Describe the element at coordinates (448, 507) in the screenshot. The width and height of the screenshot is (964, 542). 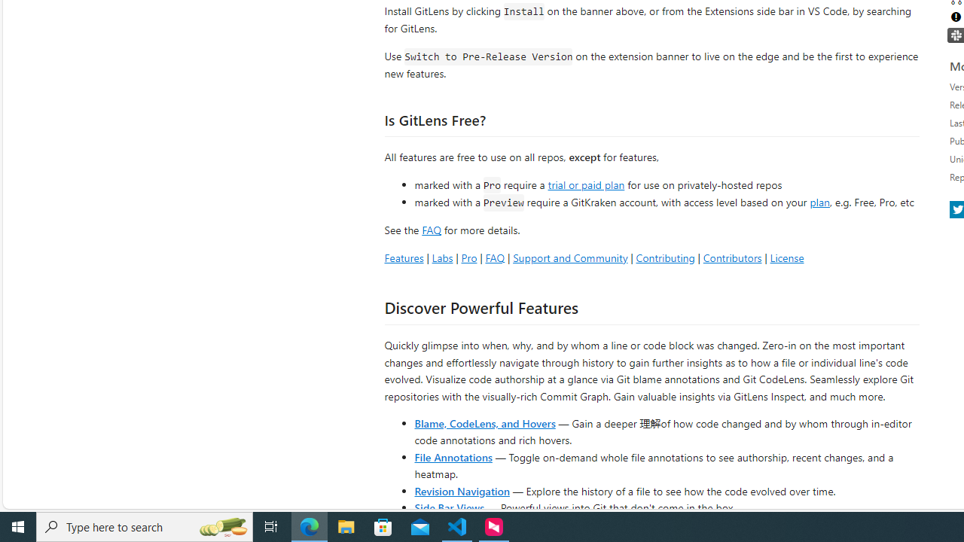
I see `'Side Bar Views'` at that location.